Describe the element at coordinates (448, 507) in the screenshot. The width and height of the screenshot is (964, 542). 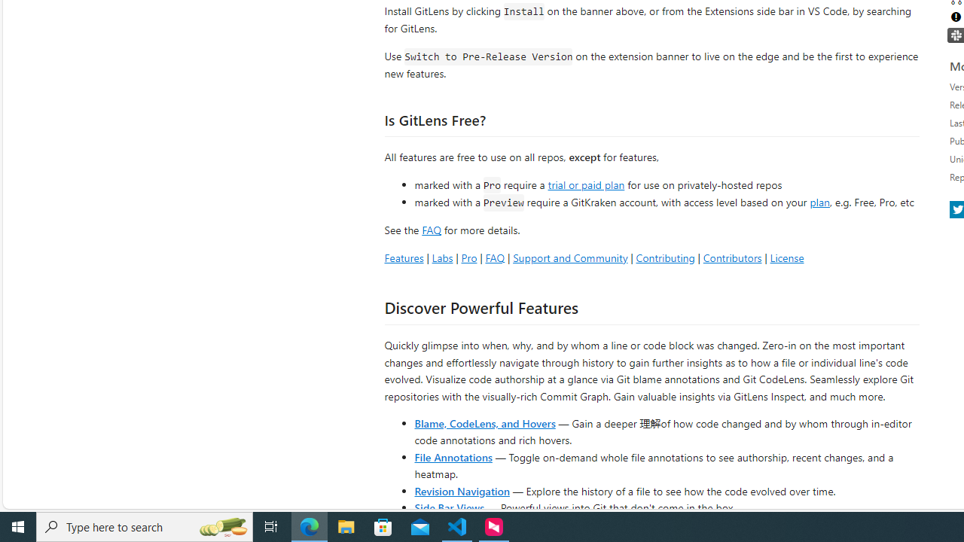
I see `'Side Bar Views'` at that location.